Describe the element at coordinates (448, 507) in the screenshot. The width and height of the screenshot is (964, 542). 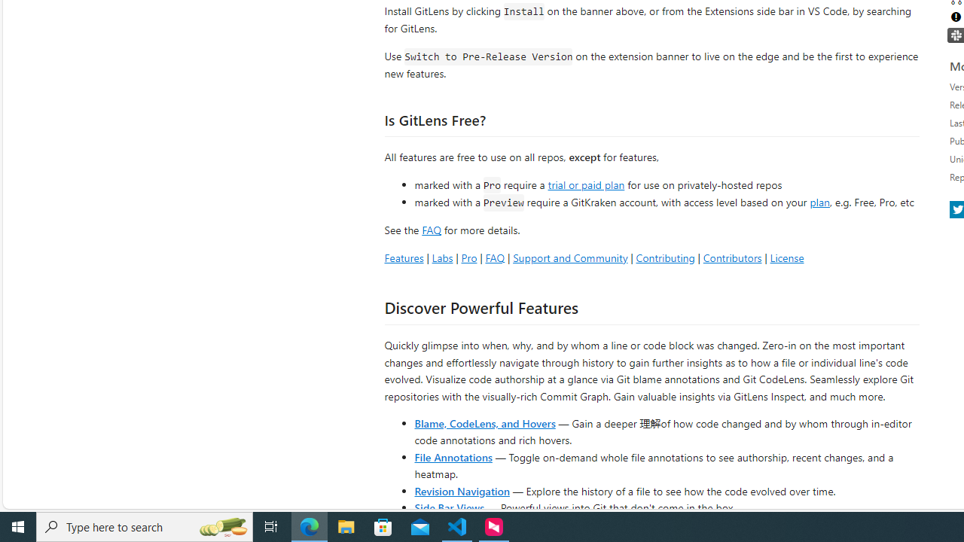
I see `'Side Bar Views'` at that location.